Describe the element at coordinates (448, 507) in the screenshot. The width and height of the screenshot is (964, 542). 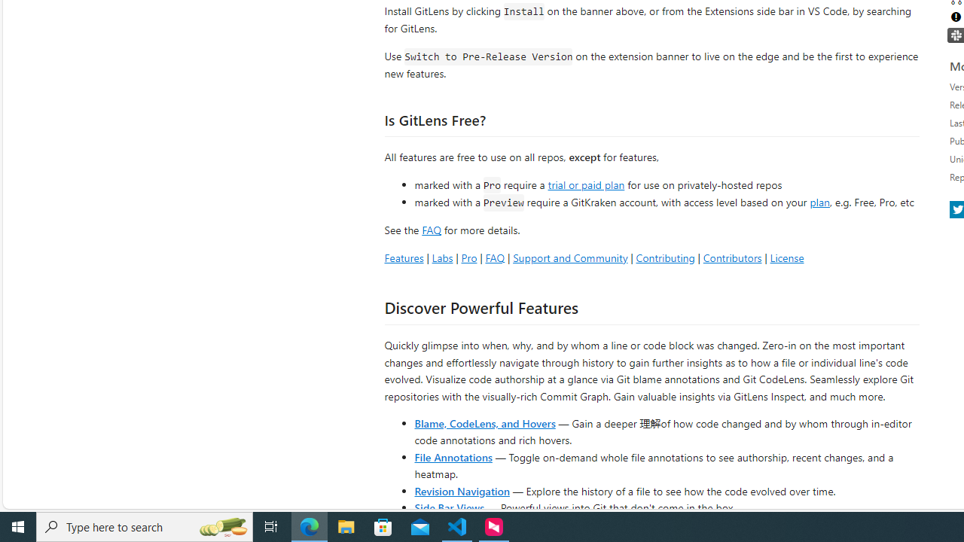
I see `'Side Bar Views'` at that location.